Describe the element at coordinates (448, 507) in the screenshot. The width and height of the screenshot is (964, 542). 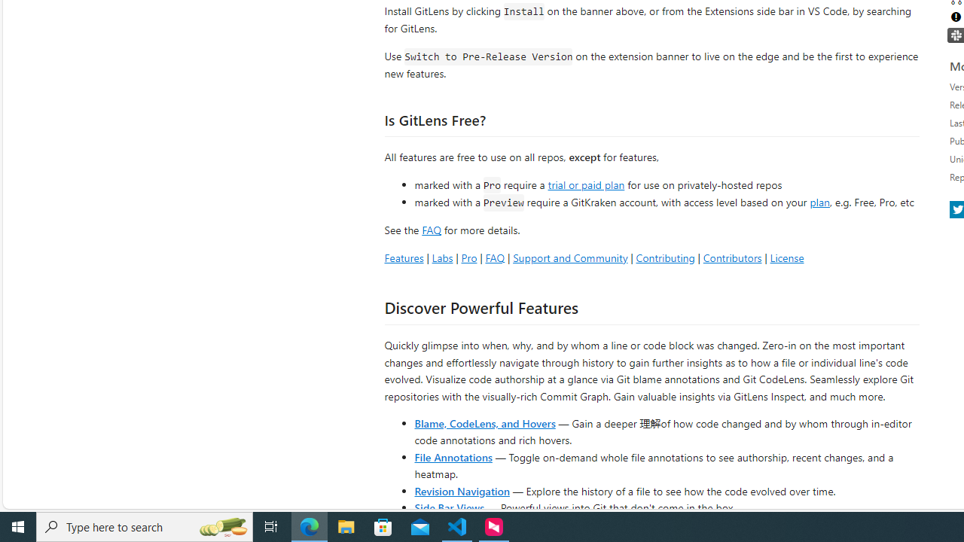
I see `'Side Bar Views'` at that location.